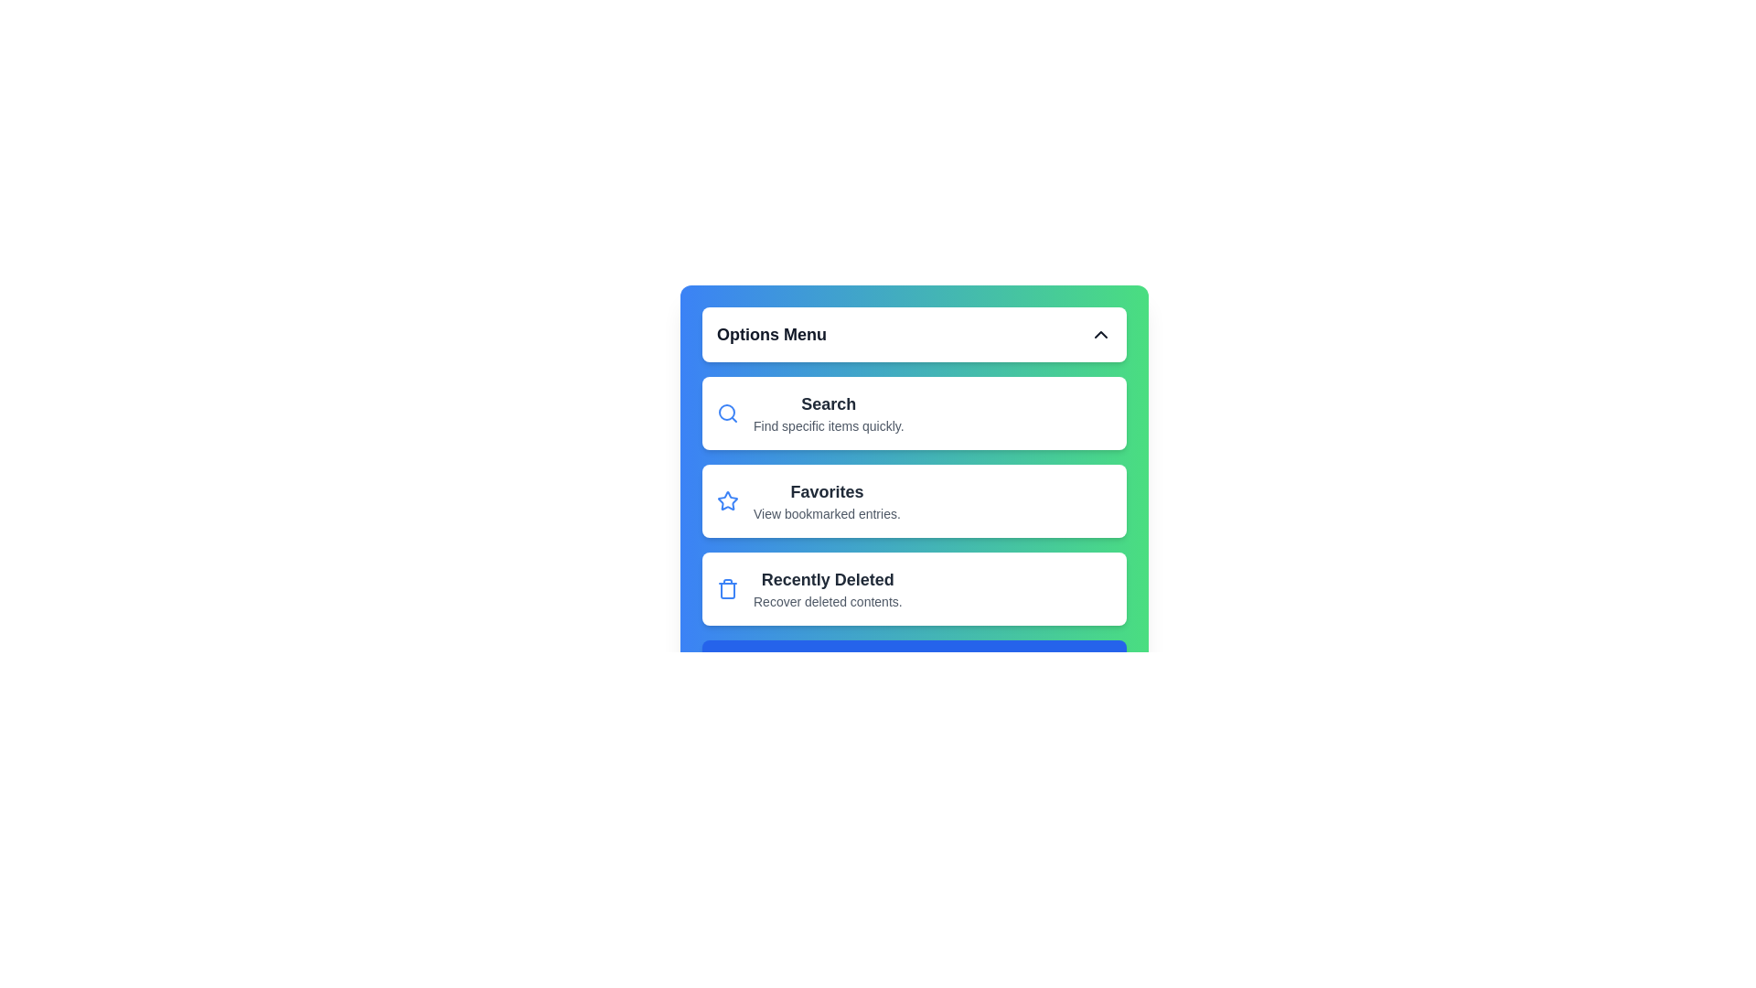 This screenshot has width=1756, height=988. What do you see at coordinates (727, 500) in the screenshot?
I see `the 'favorite' or 'bookmark' icon located to the left of the 'Favorites' title in the options menu` at bounding box center [727, 500].